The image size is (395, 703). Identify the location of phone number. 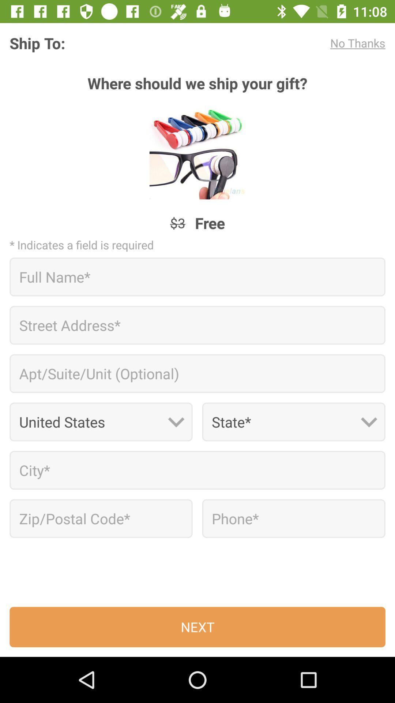
(293, 518).